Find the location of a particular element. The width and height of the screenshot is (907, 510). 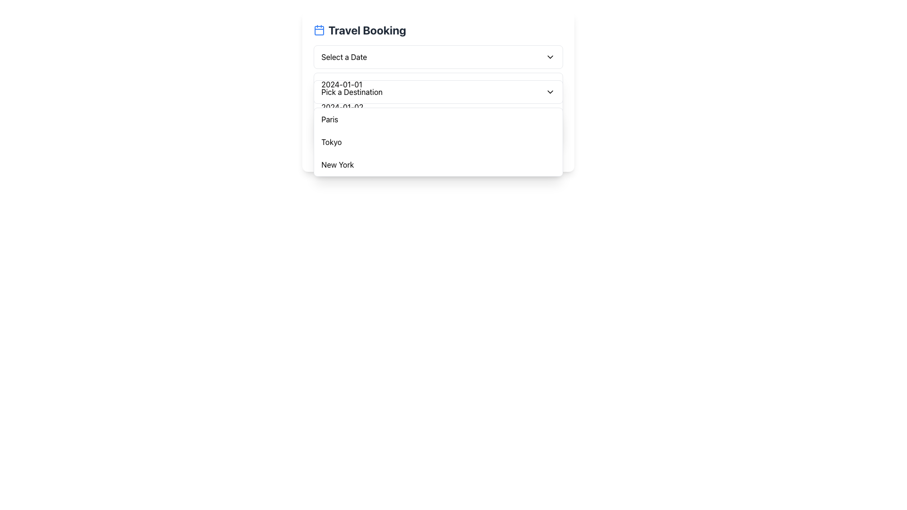

the calendar icon located to the left of the 'Travel Booking' title in the header section of the interface is located at coordinates (319, 30).